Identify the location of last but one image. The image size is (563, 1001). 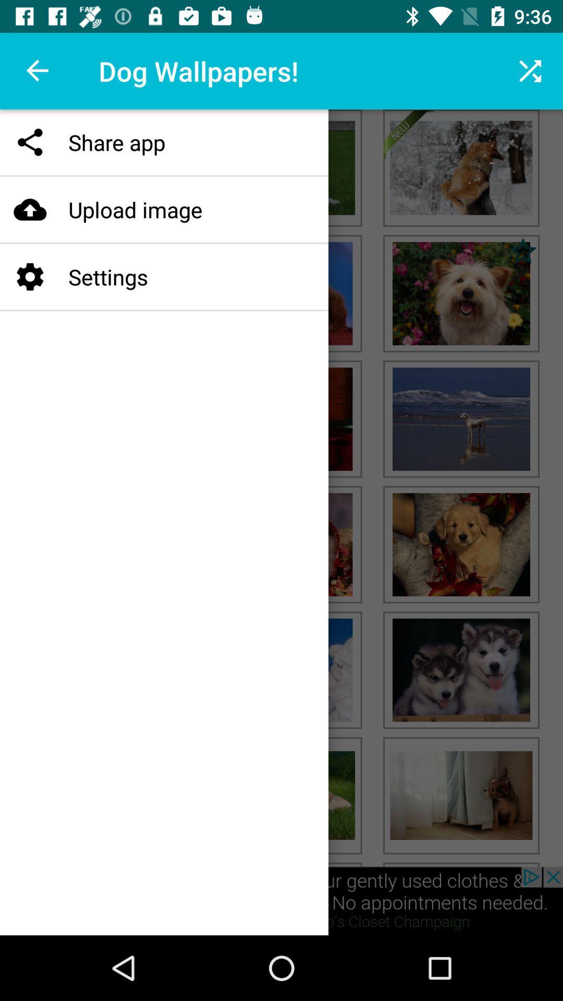
(460, 670).